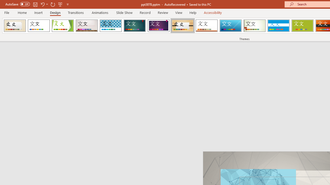  Describe the element at coordinates (62, 26) in the screenshot. I see `'Facet'` at that location.